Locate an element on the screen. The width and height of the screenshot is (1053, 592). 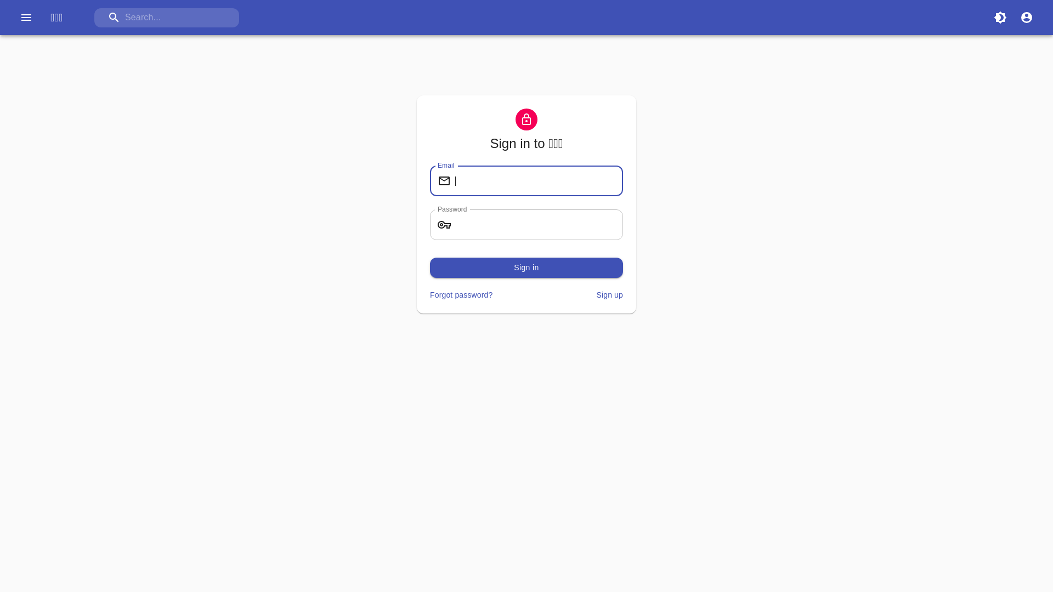
'Sign in' is located at coordinates (526, 267).